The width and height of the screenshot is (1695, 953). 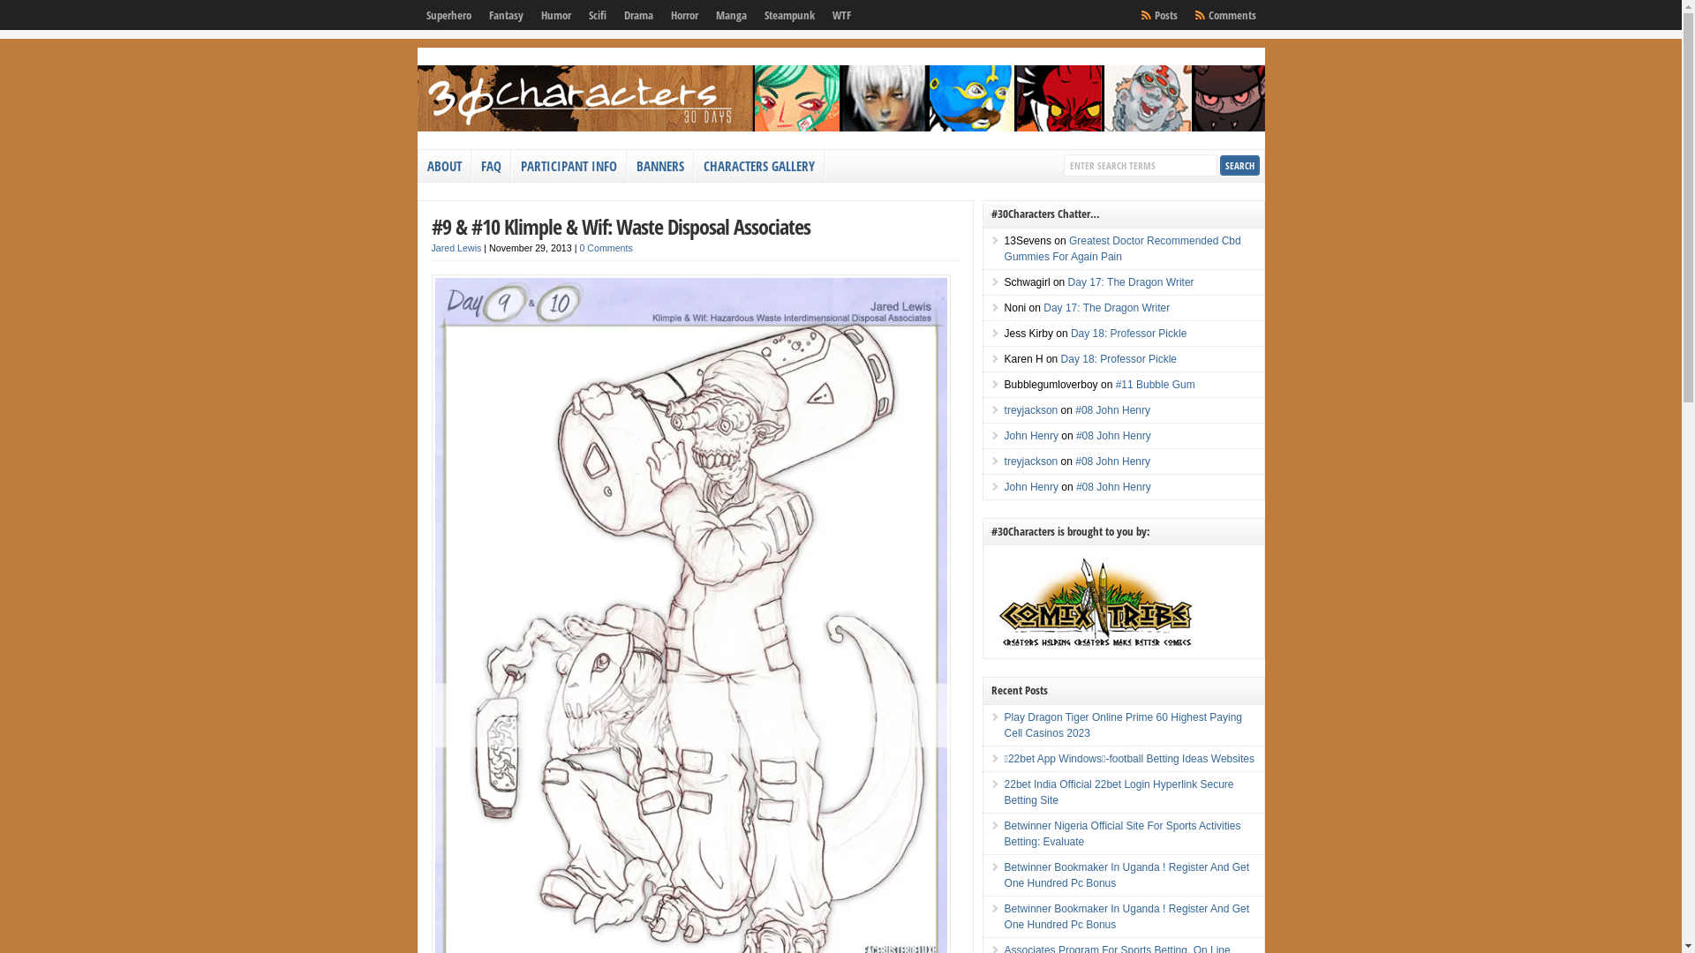 I want to click on 'Superhero', so click(x=448, y=14).